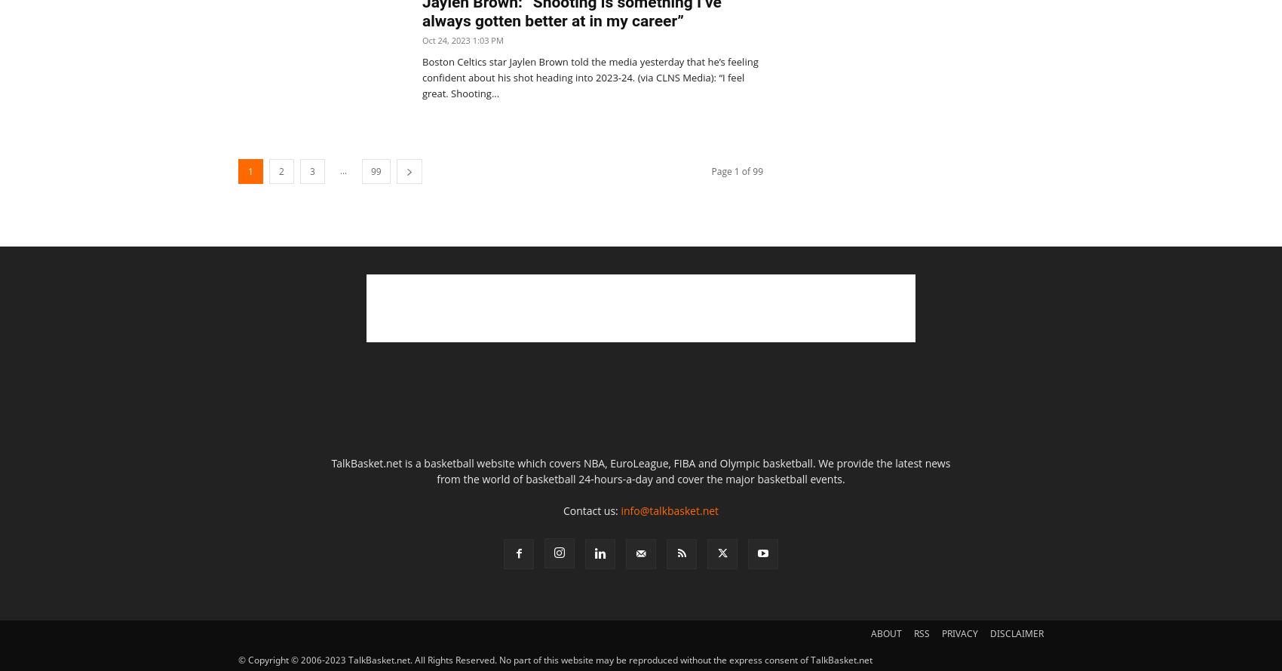 This screenshot has width=1282, height=671. I want to click on 'Page 1 of 99', so click(736, 170).